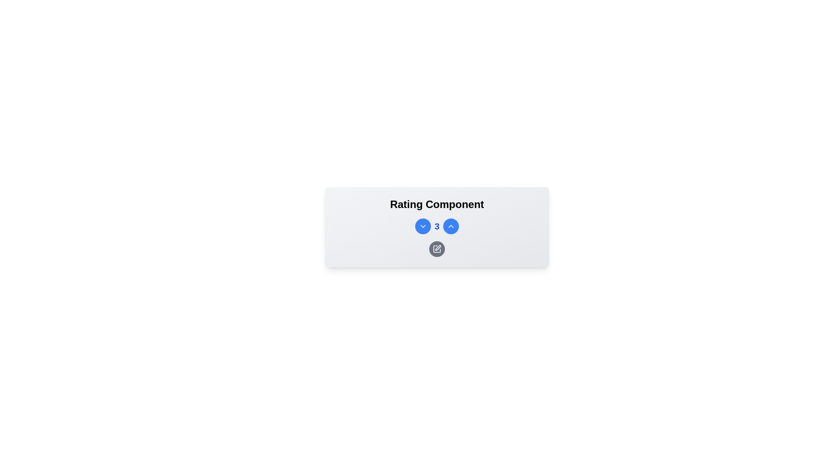 This screenshot has height=472, width=840. Describe the element at coordinates (423, 226) in the screenshot. I see `the decrement button located on the left side of the horizontal arrangement` at that location.